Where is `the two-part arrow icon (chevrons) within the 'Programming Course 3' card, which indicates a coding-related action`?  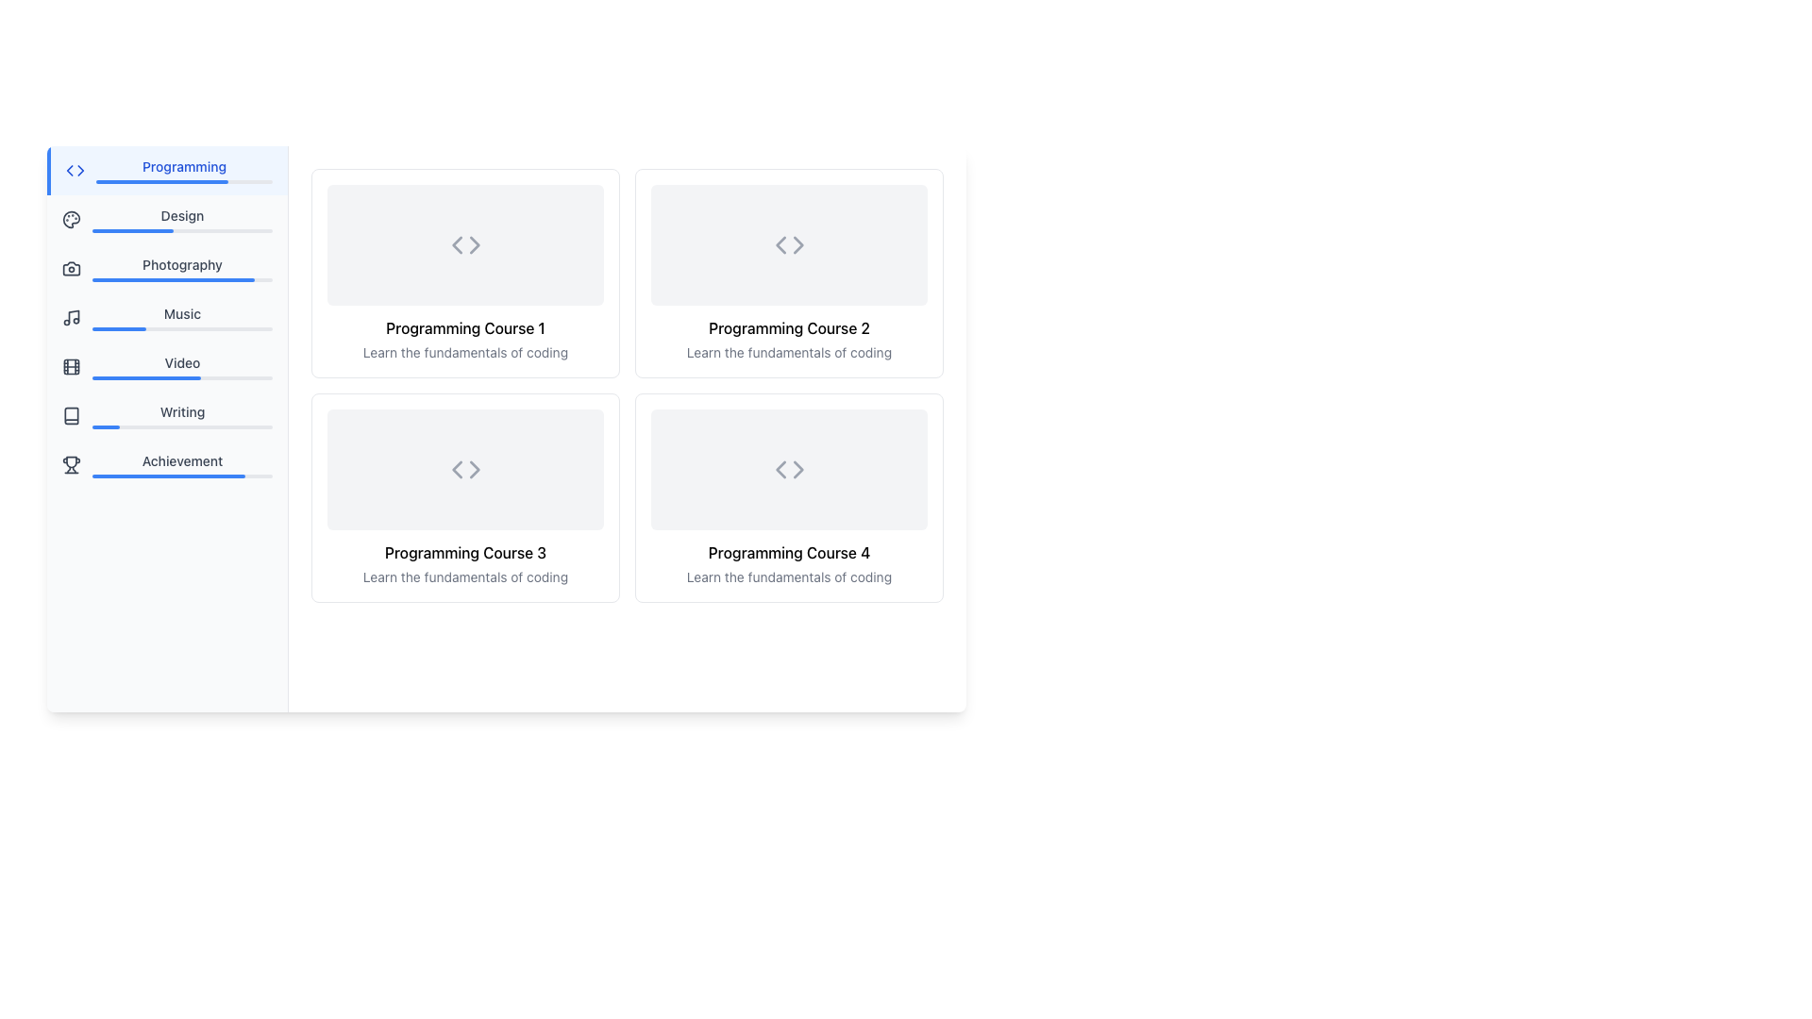 the two-part arrow icon (chevrons) within the 'Programming Course 3' card, which indicates a coding-related action is located at coordinates (465, 468).